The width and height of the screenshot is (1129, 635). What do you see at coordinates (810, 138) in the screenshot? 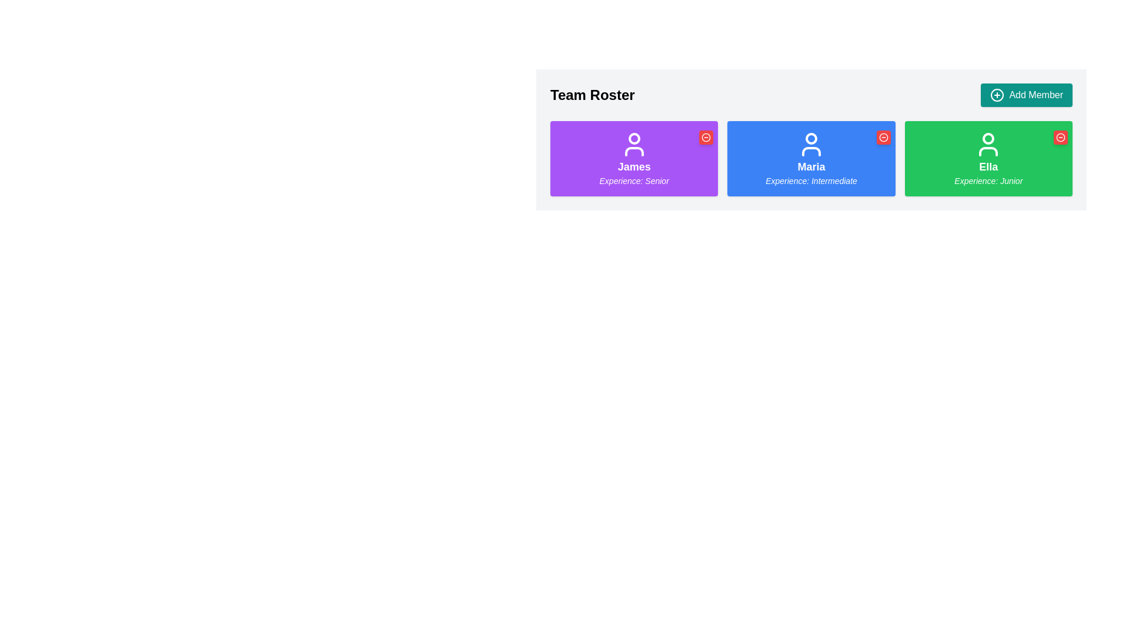
I see `the decorative graphical element representing the head in the user icon, which is centrally located above the text 'Maria' in the blue rectangular card` at bounding box center [810, 138].